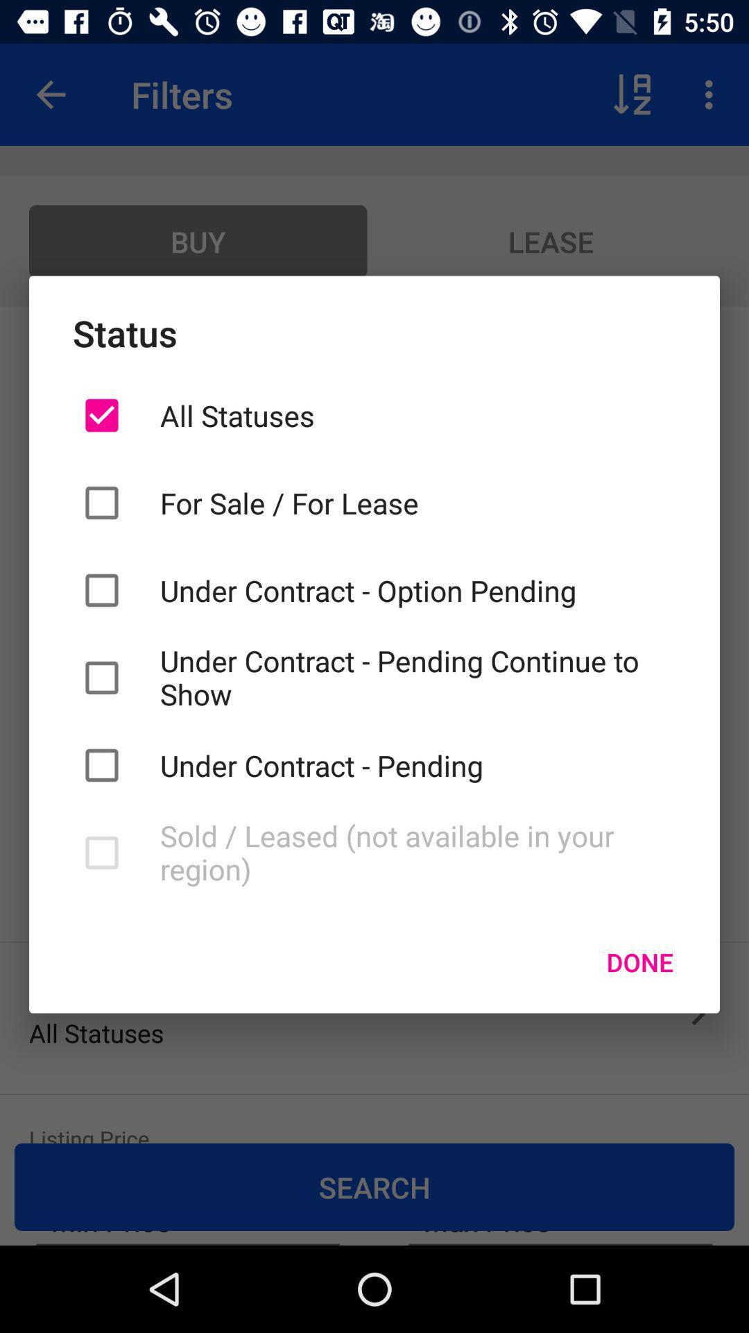 The width and height of the screenshot is (749, 1333). I want to click on the item above done item, so click(417, 852).